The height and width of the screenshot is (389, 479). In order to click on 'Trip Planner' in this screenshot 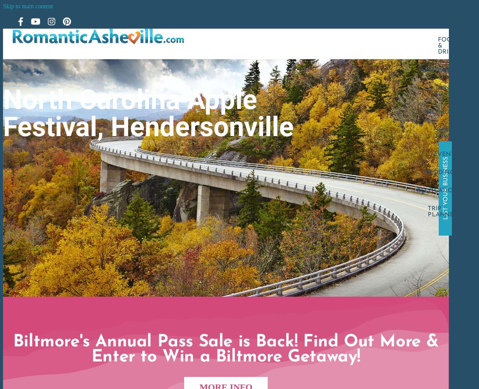, I will do `click(428, 211)`.